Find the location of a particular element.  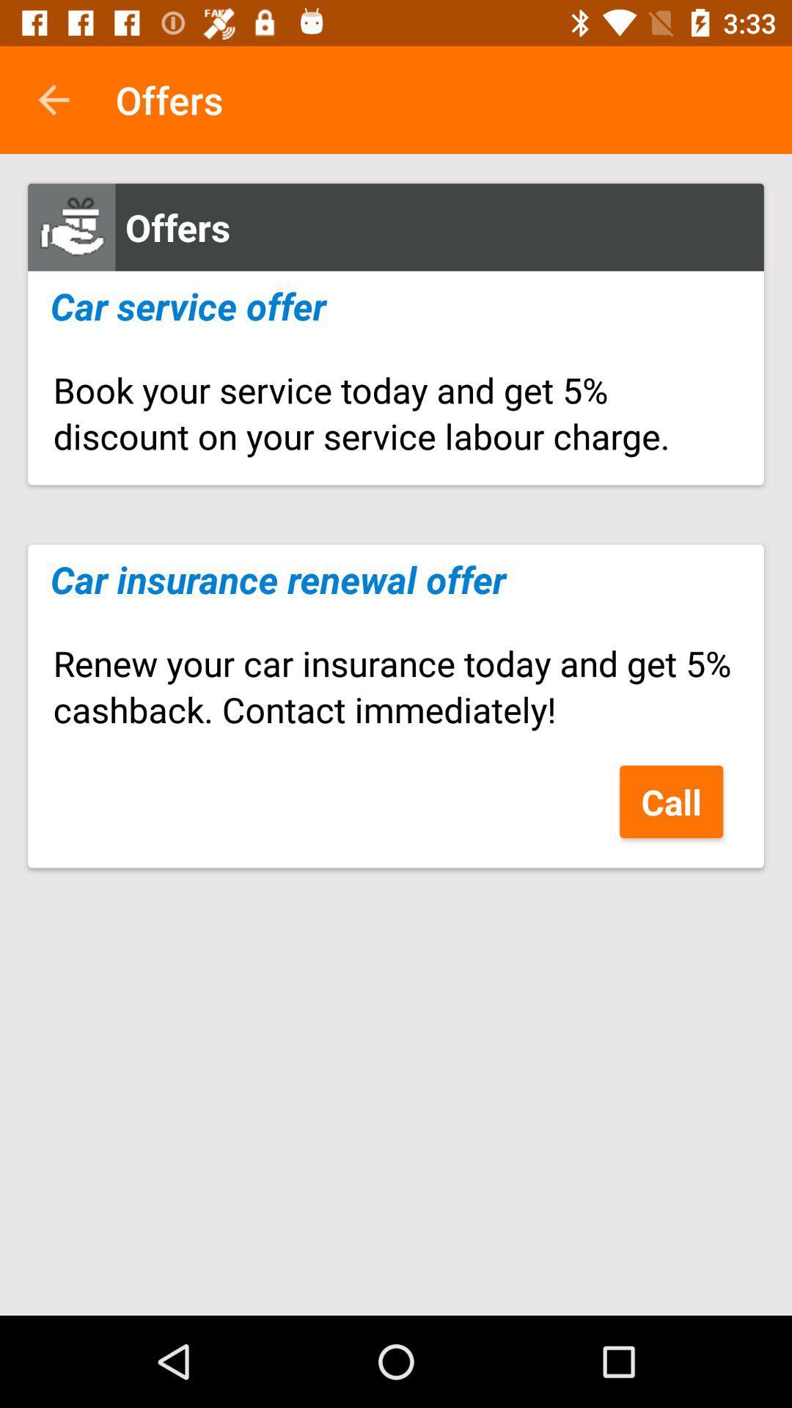

the  call  on the right is located at coordinates (671, 801).